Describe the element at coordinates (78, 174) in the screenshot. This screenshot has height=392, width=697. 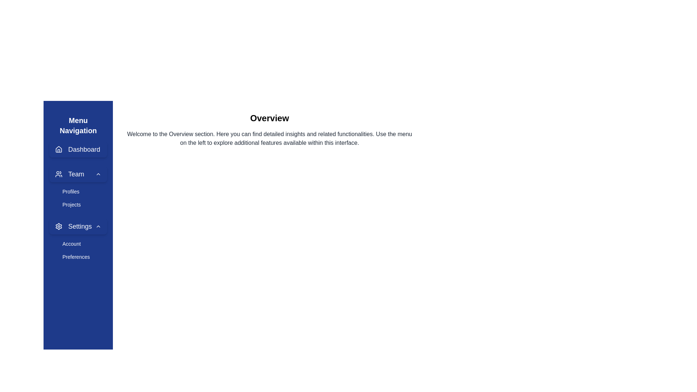
I see `the 'Team' button in the menu navigation bar, which has a rounded design, a user icon on the left, bold text 'Team', and an upward chevron indicating collapsible functionality` at that location.